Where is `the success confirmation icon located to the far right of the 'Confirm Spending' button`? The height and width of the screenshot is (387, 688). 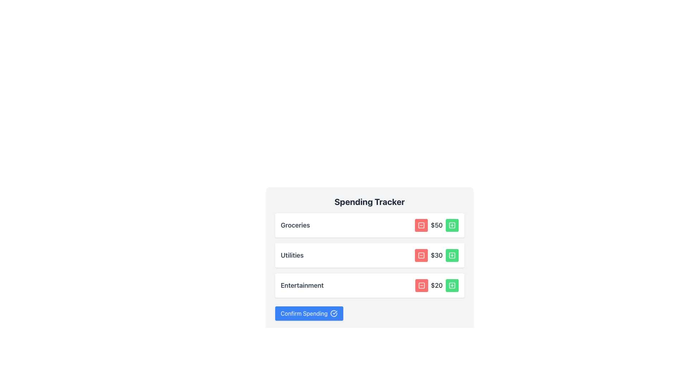
the success confirmation icon located to the far right of the 'Confirm Spending' button is located at coordinates (334, 313).